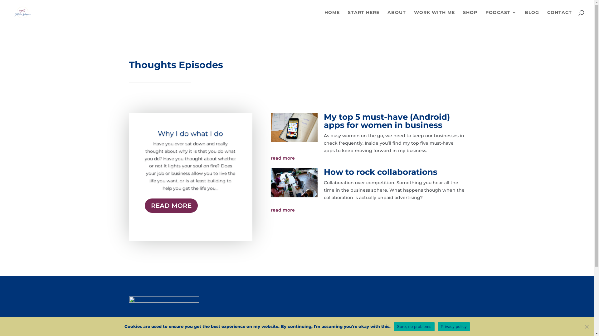 This screenshot has width=599, height=336. Describe the element at coordinates (501, 17) in the screenshot. I see `'PODCAST'` at that location.